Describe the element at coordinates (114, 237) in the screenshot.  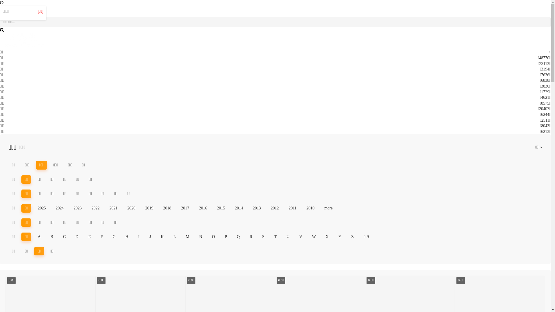
I see `'G'` at that location.